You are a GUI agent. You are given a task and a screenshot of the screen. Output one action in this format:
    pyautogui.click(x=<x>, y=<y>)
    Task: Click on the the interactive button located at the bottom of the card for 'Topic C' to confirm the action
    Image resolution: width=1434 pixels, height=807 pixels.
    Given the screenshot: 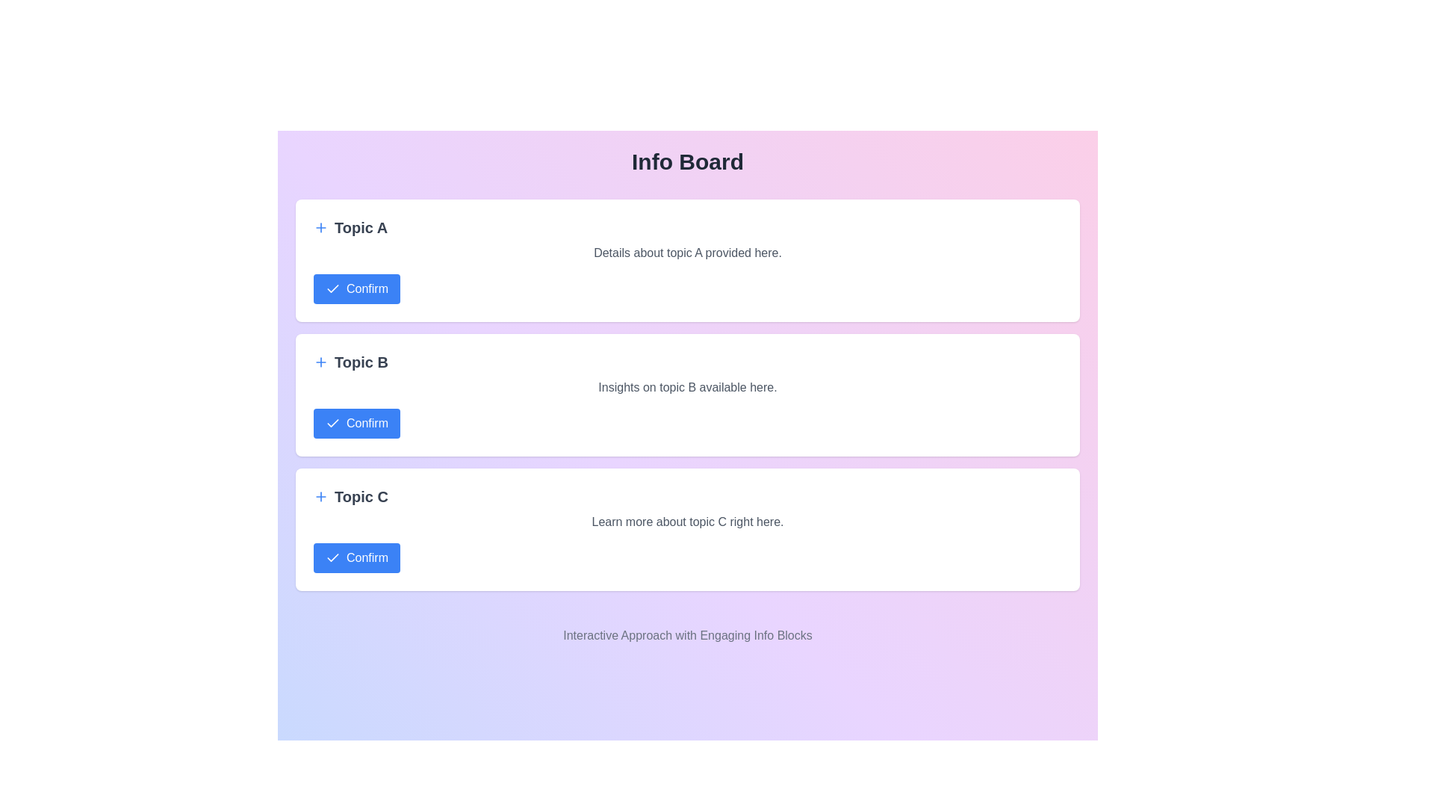 What is the action you would take?
    pyautogui.click(x=356, y=558)
    